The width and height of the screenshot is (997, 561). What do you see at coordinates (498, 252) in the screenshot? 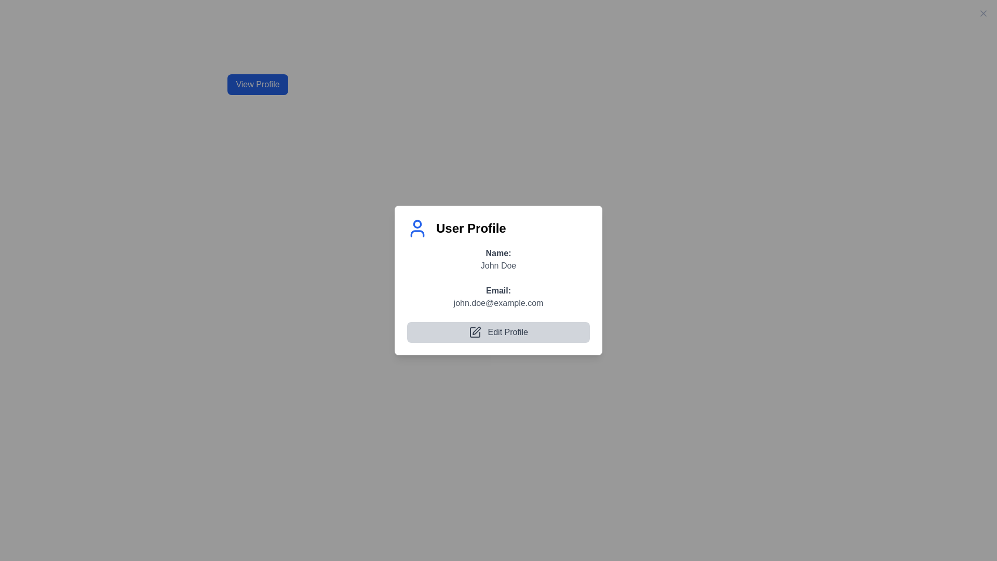
I see `the bold text label reading 'Name:' within the 'User Profile' modal, which is styled in dark gray and is the first label in the profile details section` at bounding box center [498, 252].